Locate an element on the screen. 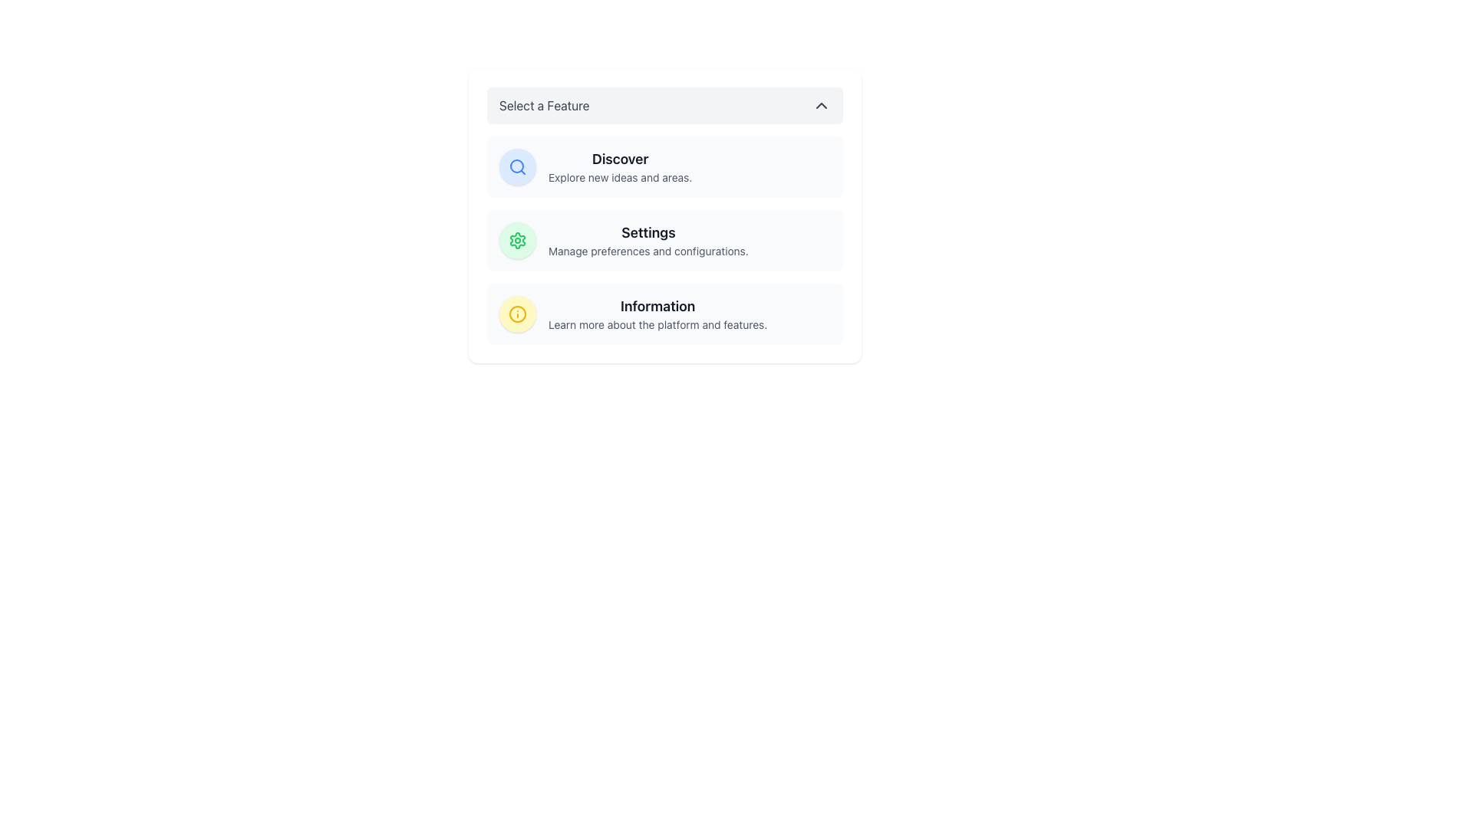 The width and height of the screenshot is (1473, 828). the circular icon button with a green background and gear outline, located to the left of the 'Settings' option in the feature list is located at coordinates (518, 240).